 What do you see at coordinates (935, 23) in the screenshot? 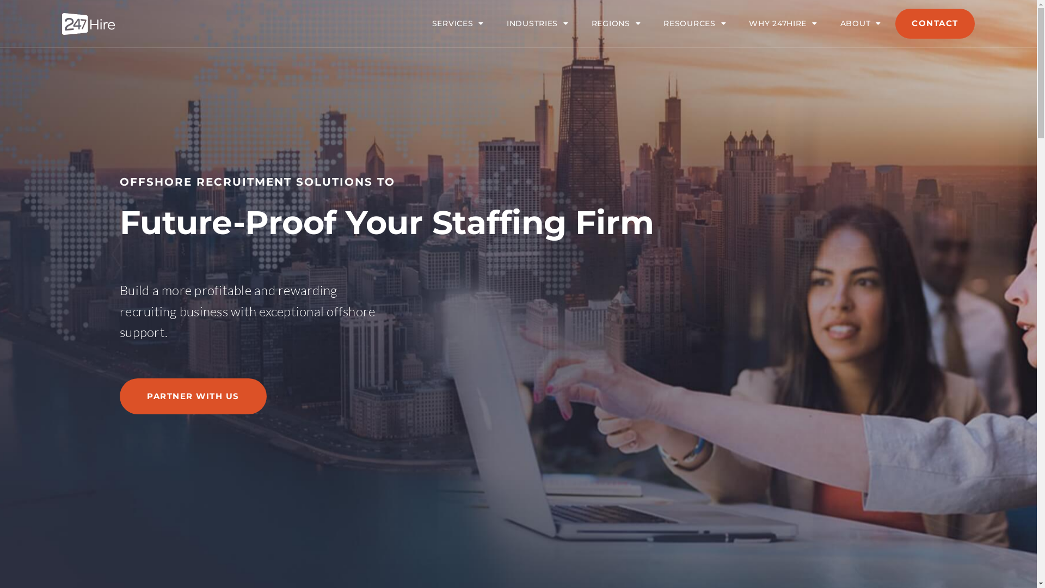
I see `'CONTACT'` at bounding box center [935, 23].